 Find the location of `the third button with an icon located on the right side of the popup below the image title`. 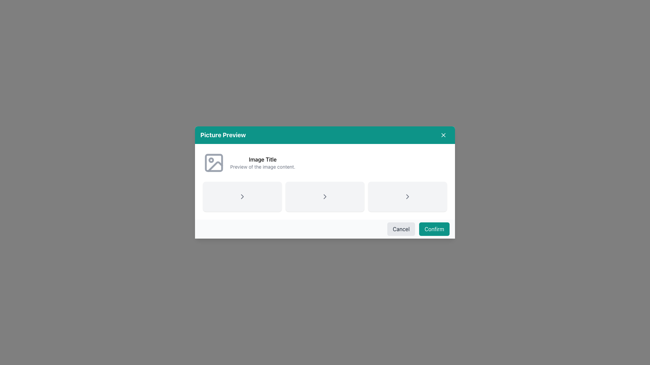

the third button with an icon located on the right side of the popup below the image title is located at coordinates (407, 197).